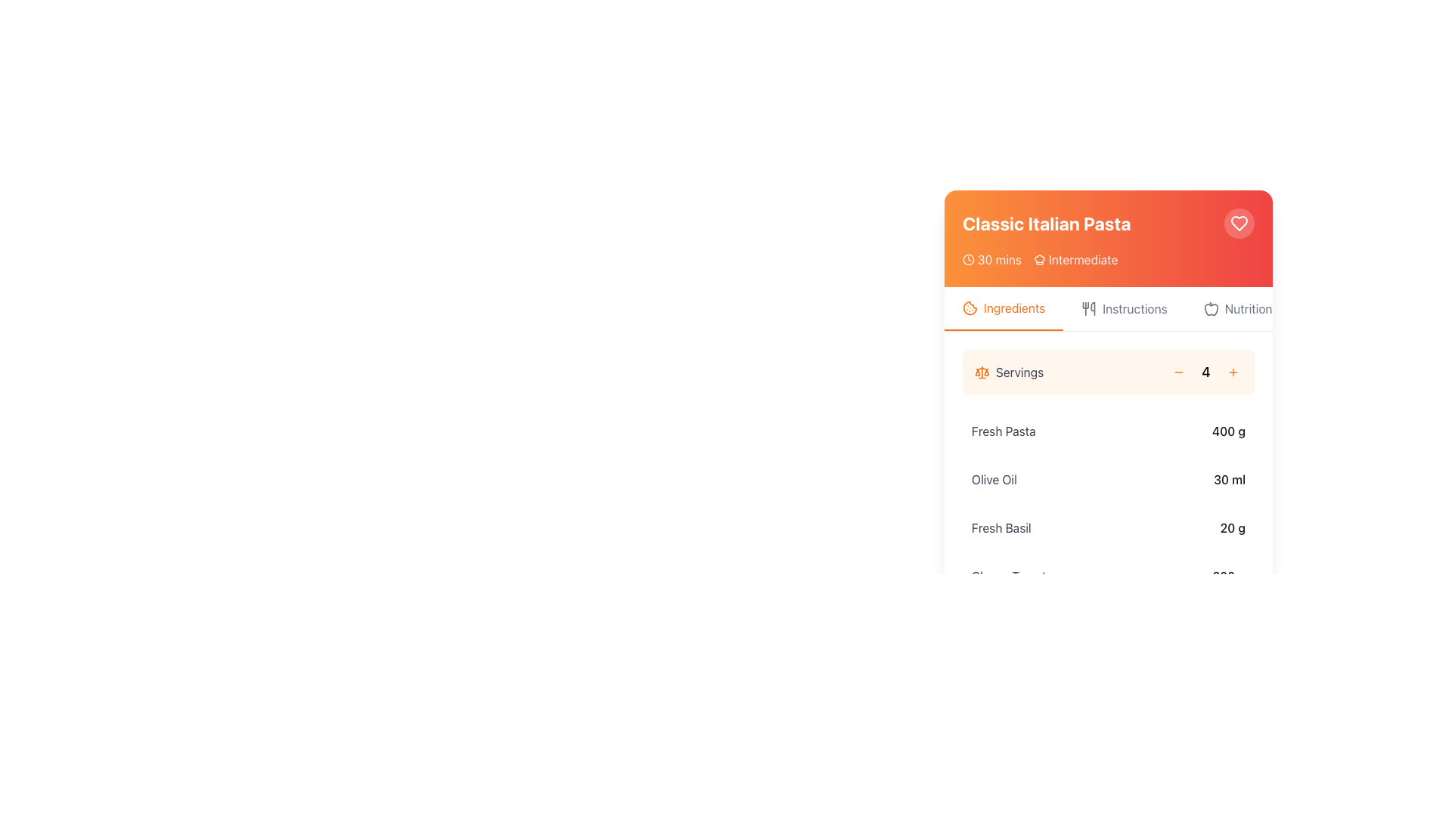 Image resolution: width=1452 pixels, height=816 pixels. What do you see at coordinates (1014, 308) in the screenshot?
I see `the 'Ingredients' text label, which is styled in orange on a white background and serves as the first tab in the recipe interface's navigation bar` at bounding box center [1014, 308].